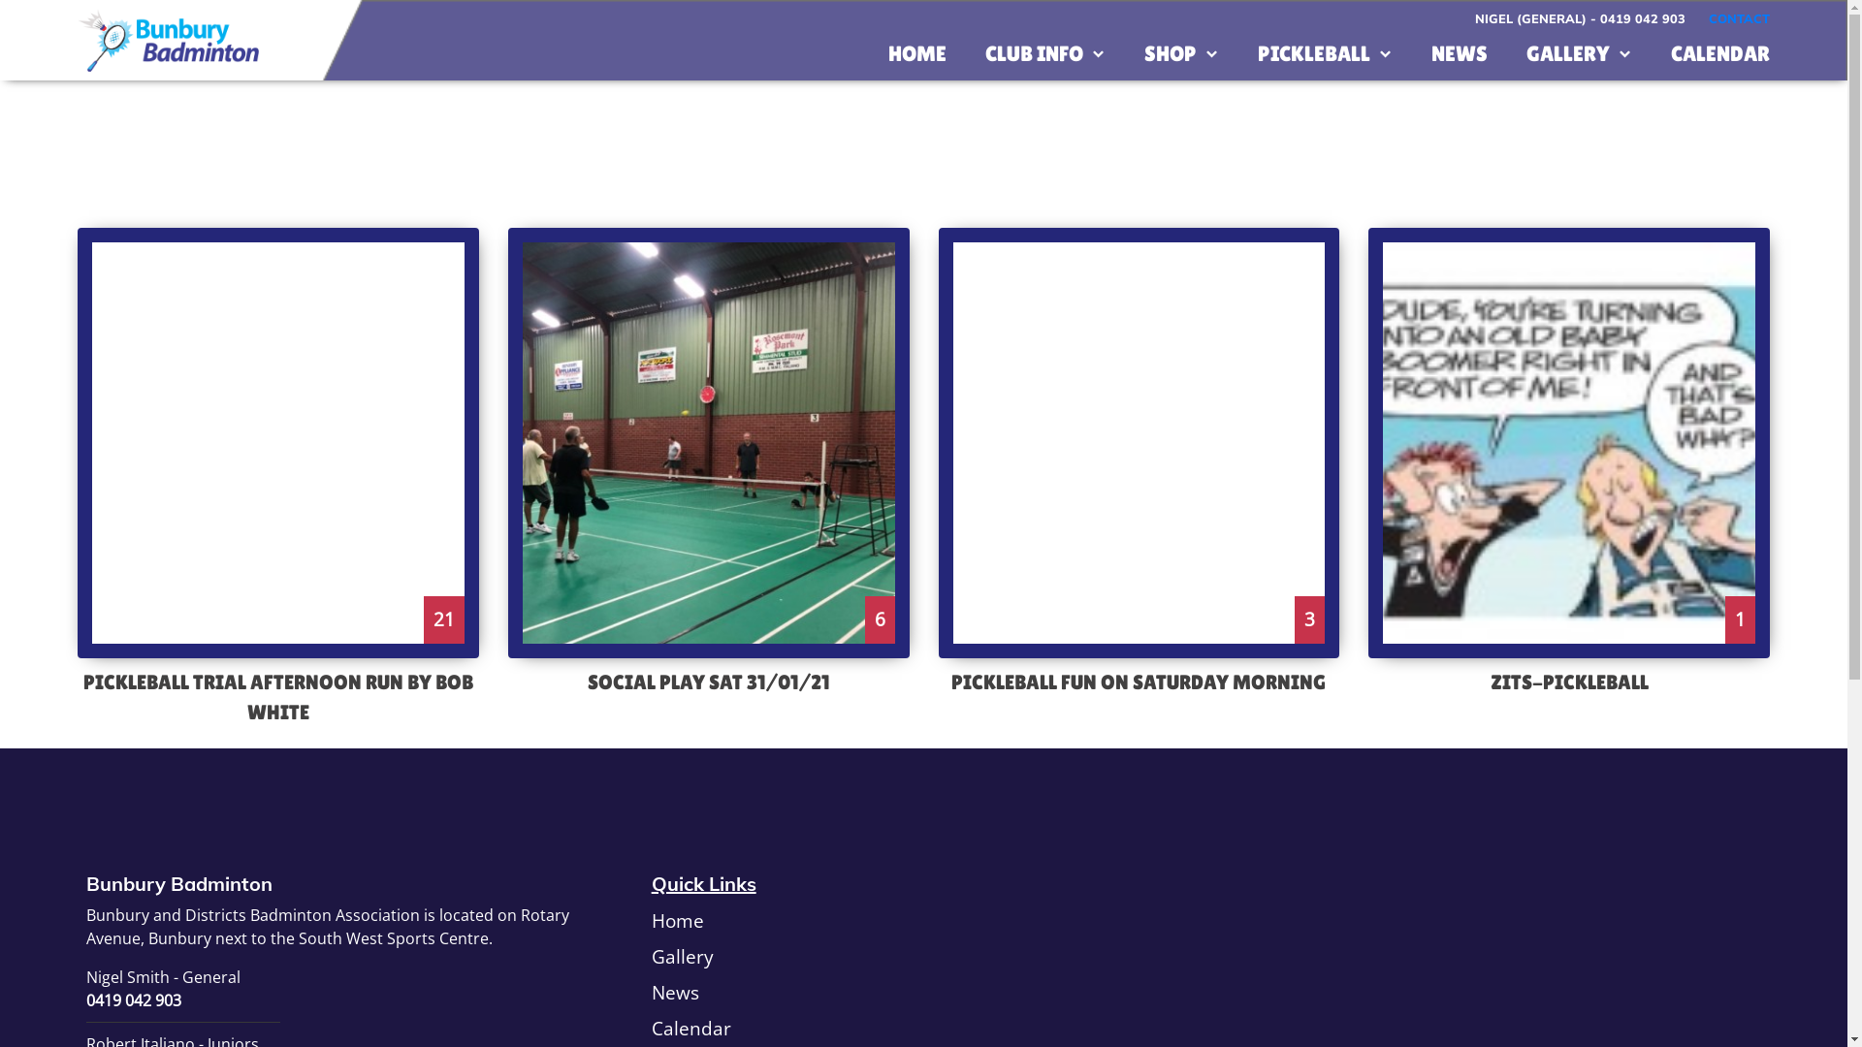 The height and width of the screenshot is (1047, 1862). What do you see at coordinates (985, 53) in the screenshot?
I see `'CLUB INFO'` at bounding box center [985, 53].